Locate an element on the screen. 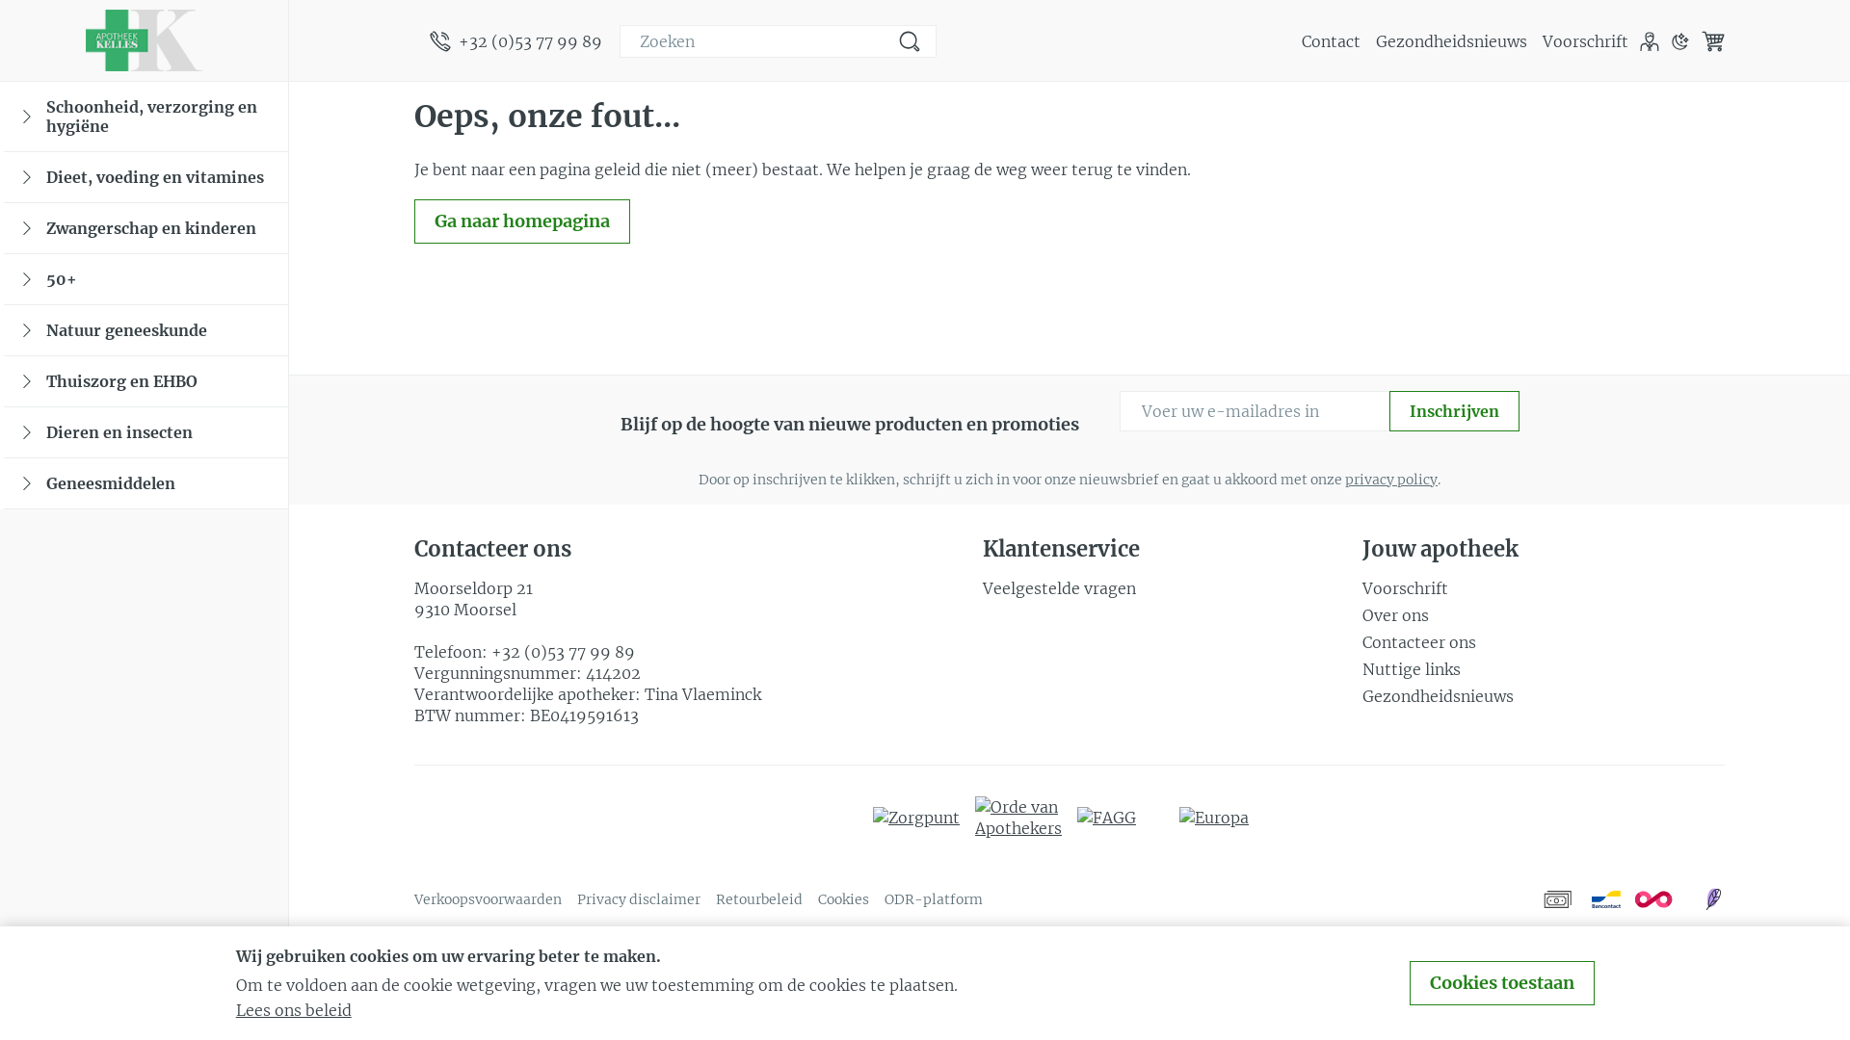  'Cookies toestaan' is located at coordinates (1501, 983).